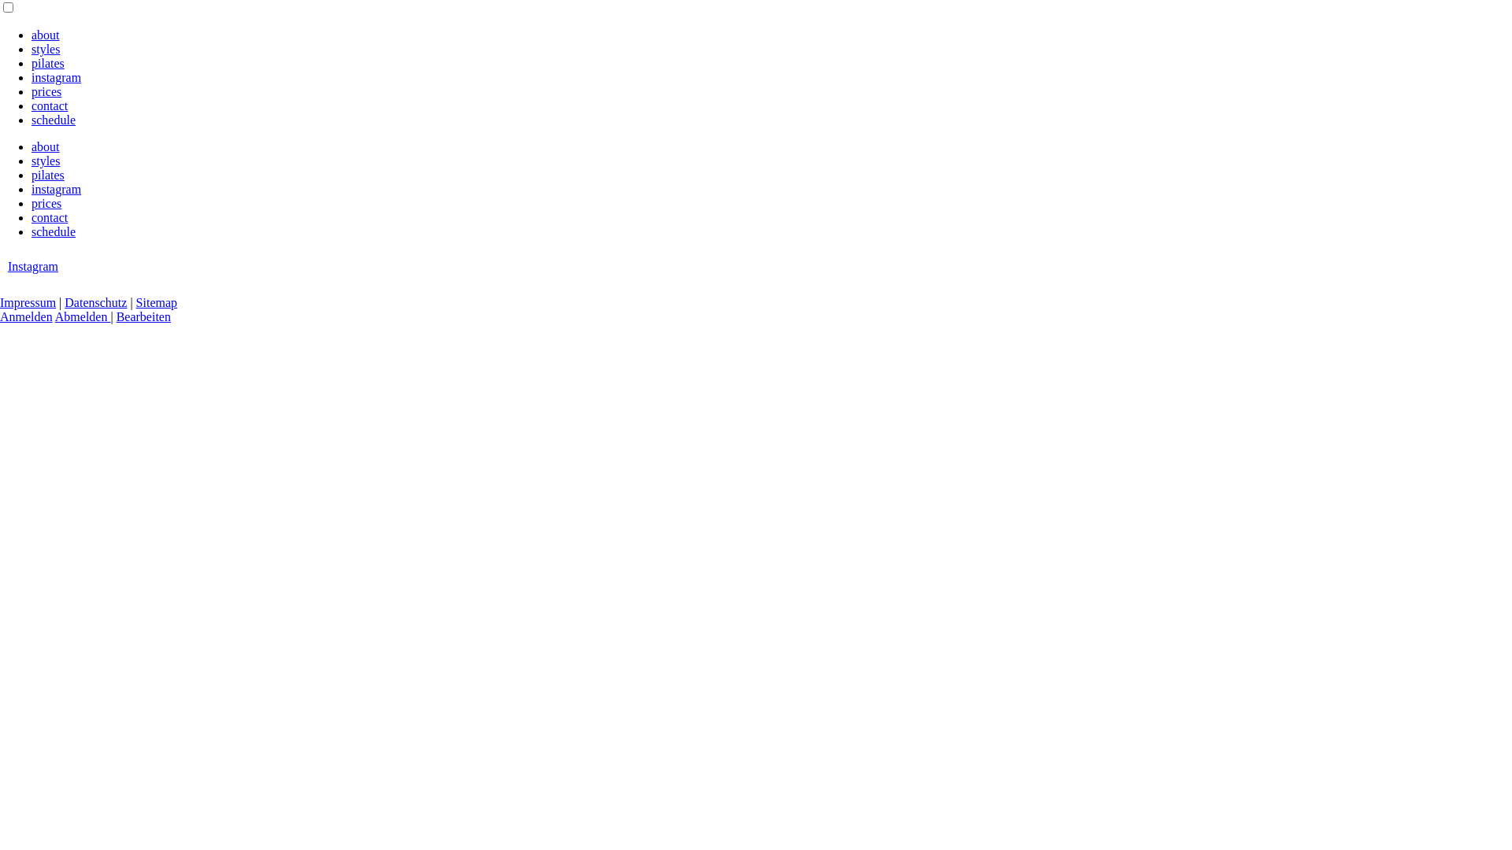 This screenshot has height=850, width=1512. What do you see at coordinates (31, 77) in the screenshot?
I see `'instagram'` at bounding box center [31, 77].